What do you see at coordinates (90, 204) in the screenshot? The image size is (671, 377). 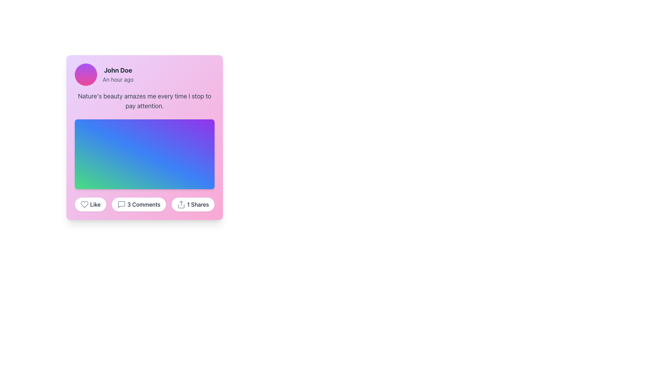 I see `the 'Like' button, which is the first pill-shaped button with a gray heart icon and the text 'Like' in bold dark gray` at bounding box center [90, 204].